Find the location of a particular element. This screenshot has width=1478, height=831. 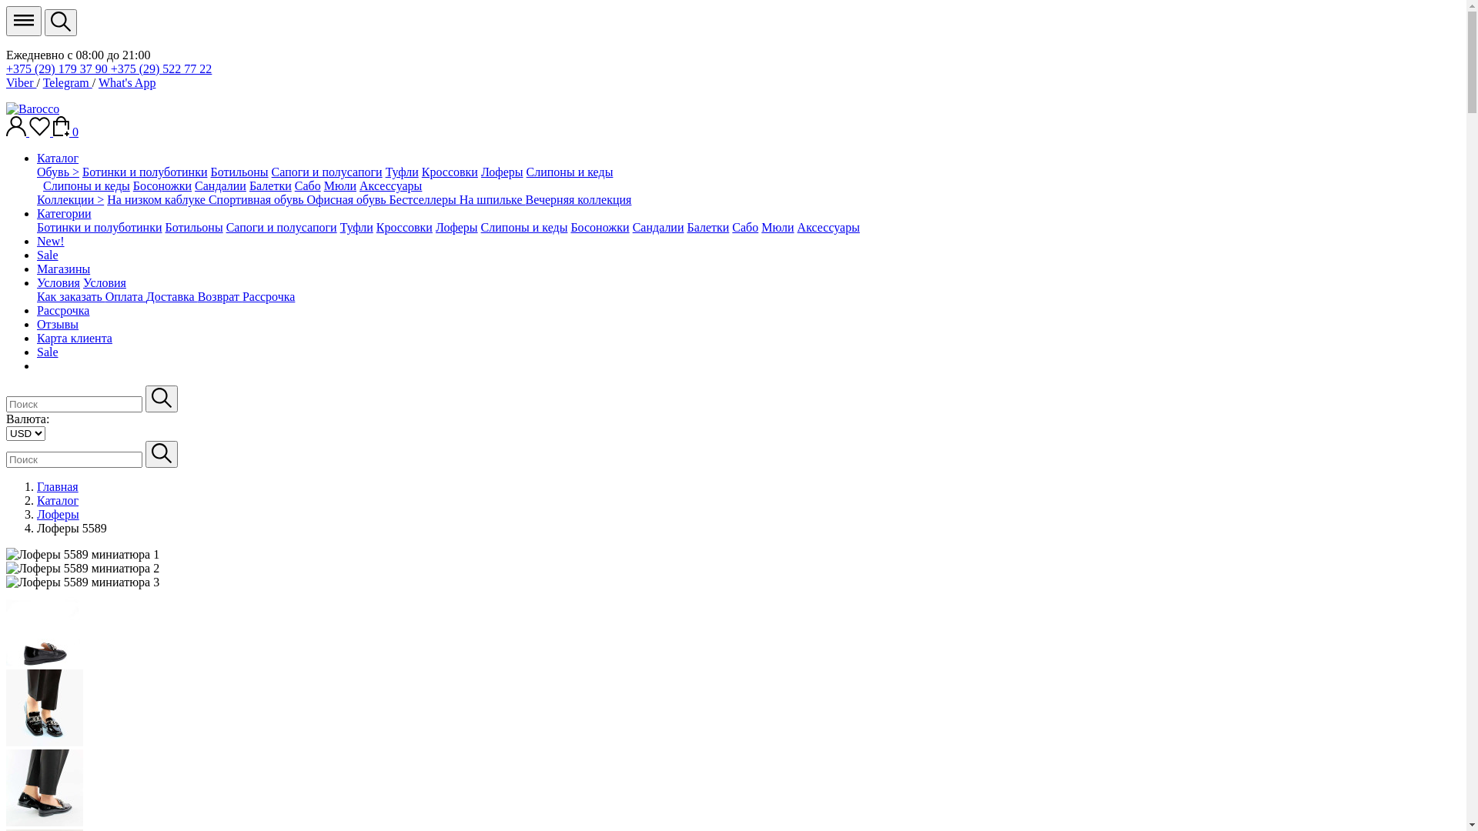

'+375 (29) 179 37 90' is located at coordinates (59, 68).